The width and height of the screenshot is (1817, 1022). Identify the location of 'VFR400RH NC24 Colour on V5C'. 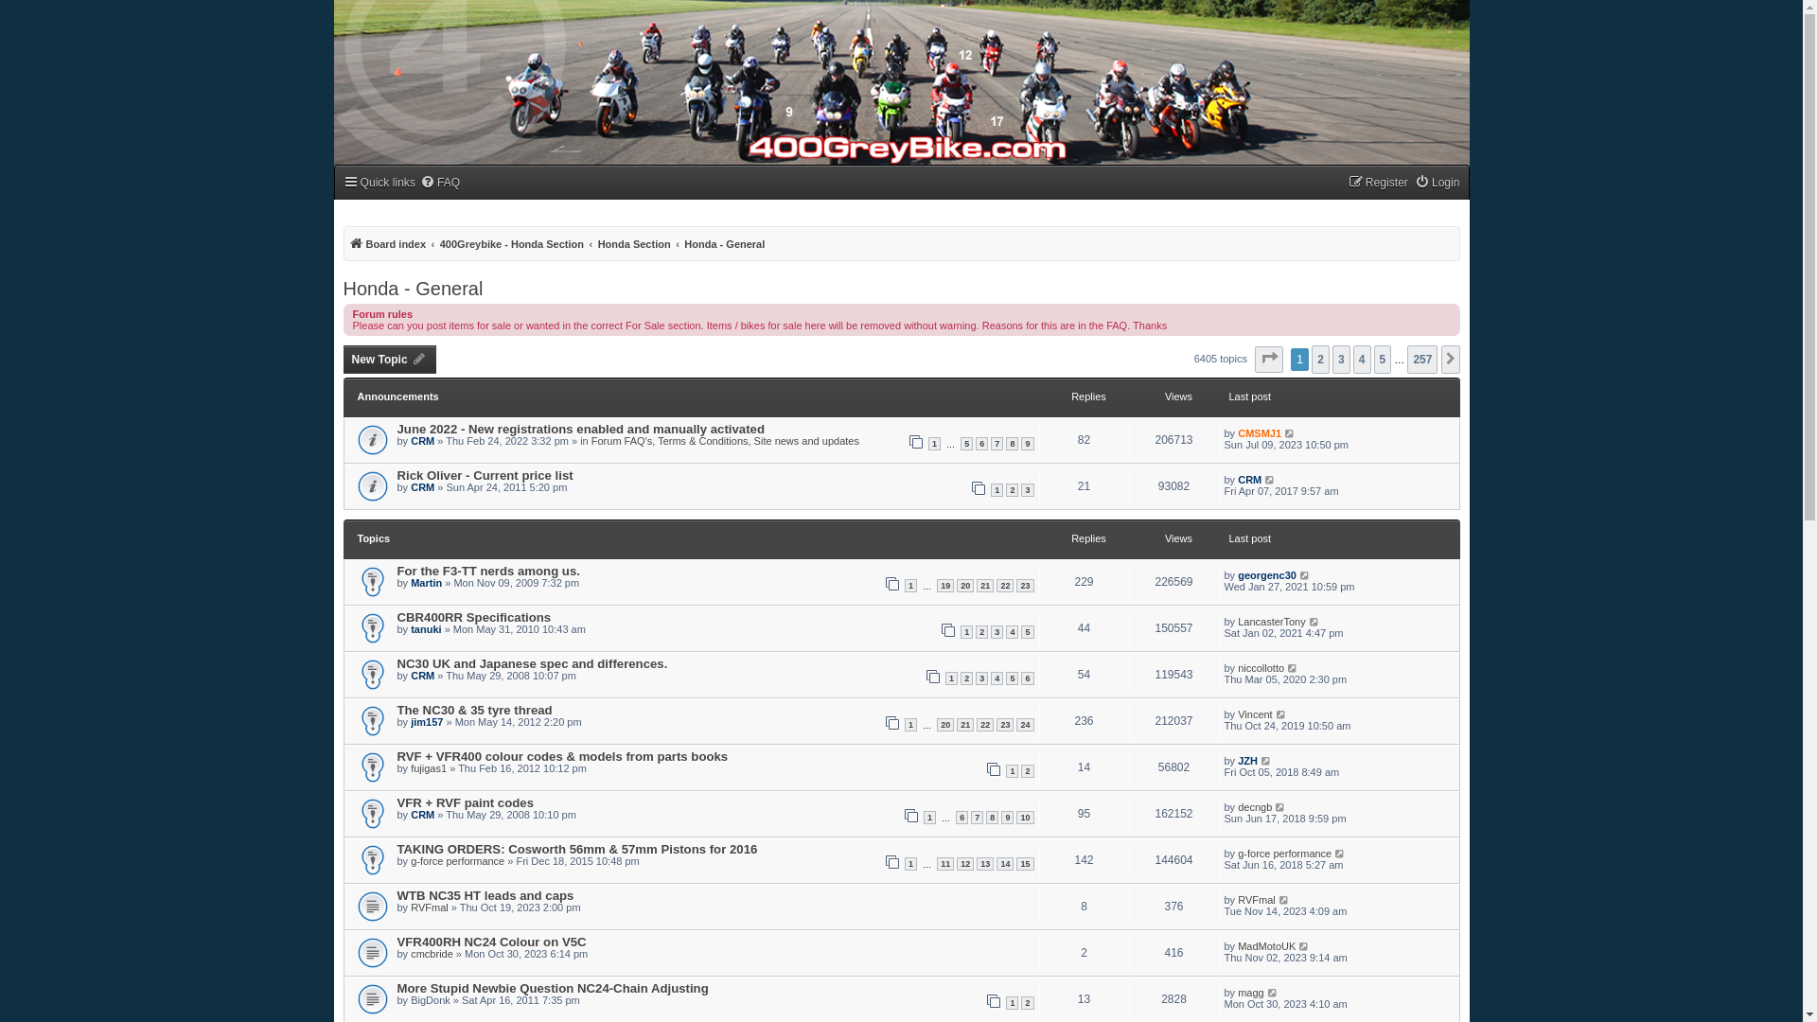
(491, 942).